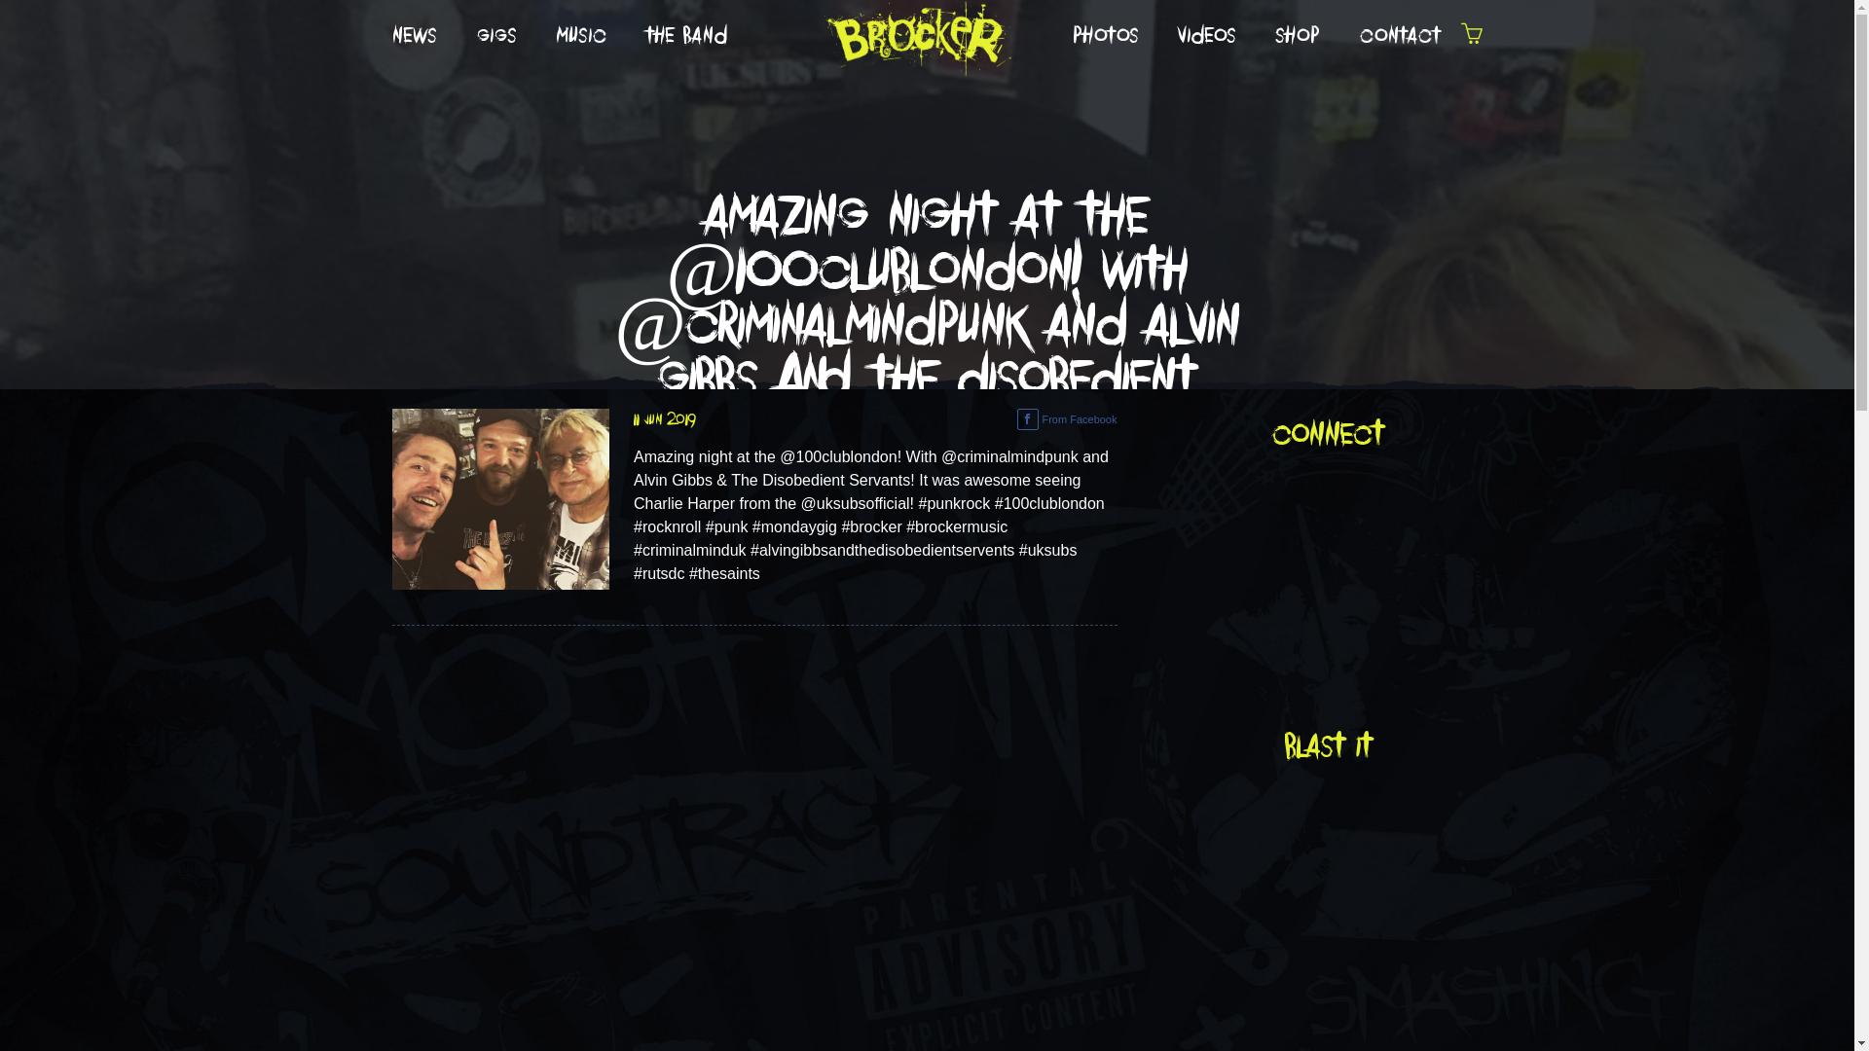 This screenshot has height=1051, width=1869. What do you see at coordinates (1065, 418) in the screenshot?
I see `'From Facebook'` at bounding box center [1065, 418].